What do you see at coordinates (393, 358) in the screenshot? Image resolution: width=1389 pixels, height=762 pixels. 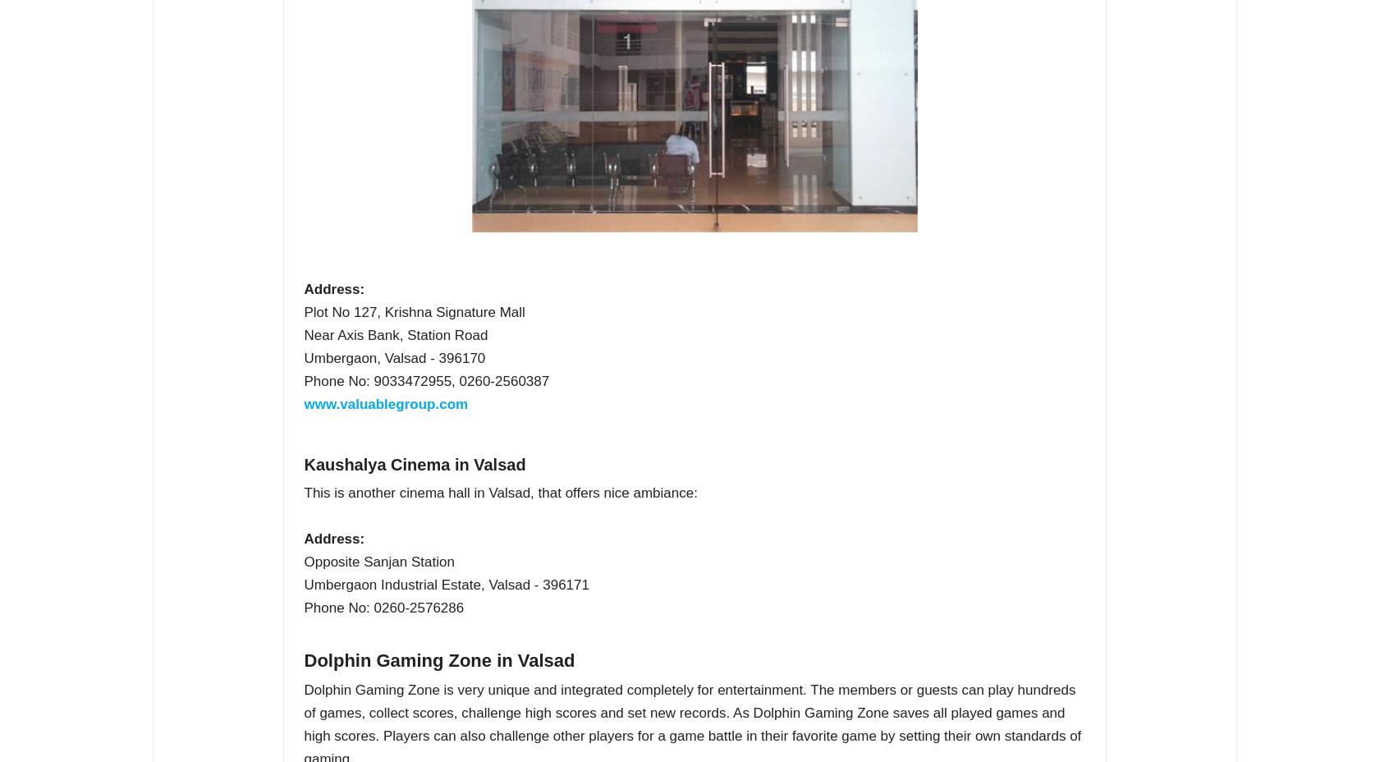 I see `'Umbergaon, Valsad - 396170'` at bounding box center [393, 358].